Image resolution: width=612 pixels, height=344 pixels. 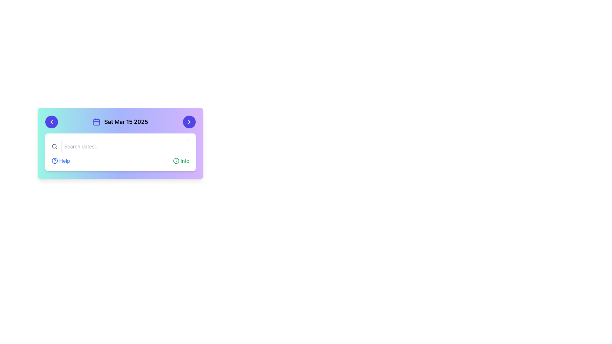 I want to click on the Label that displays the selected date, located at the center of the horizontal bar above the search area, so click(x=120, y=122).